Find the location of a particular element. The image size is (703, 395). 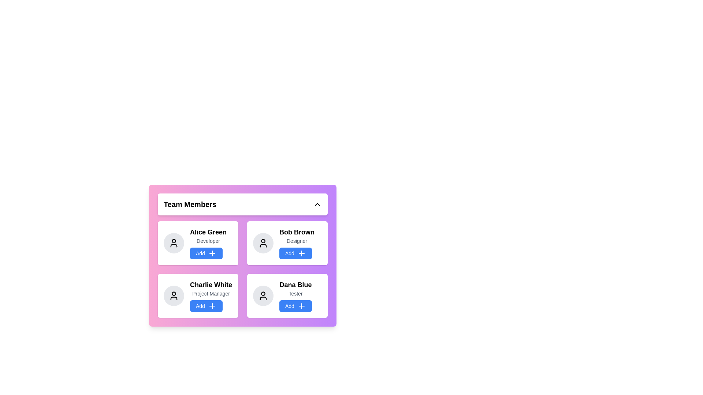

the 'Add' button with a blue background and white text, located within Charlie White's profile card is located at coordinates (206, 306).